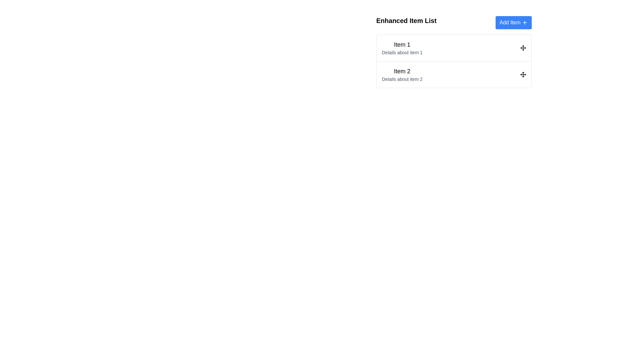 Image resolution: width=631 pixels, height=355 pixels. I want to click on the Draggable Icon located near the right edge of the list item titled 'Item 2', so click(523, 74).